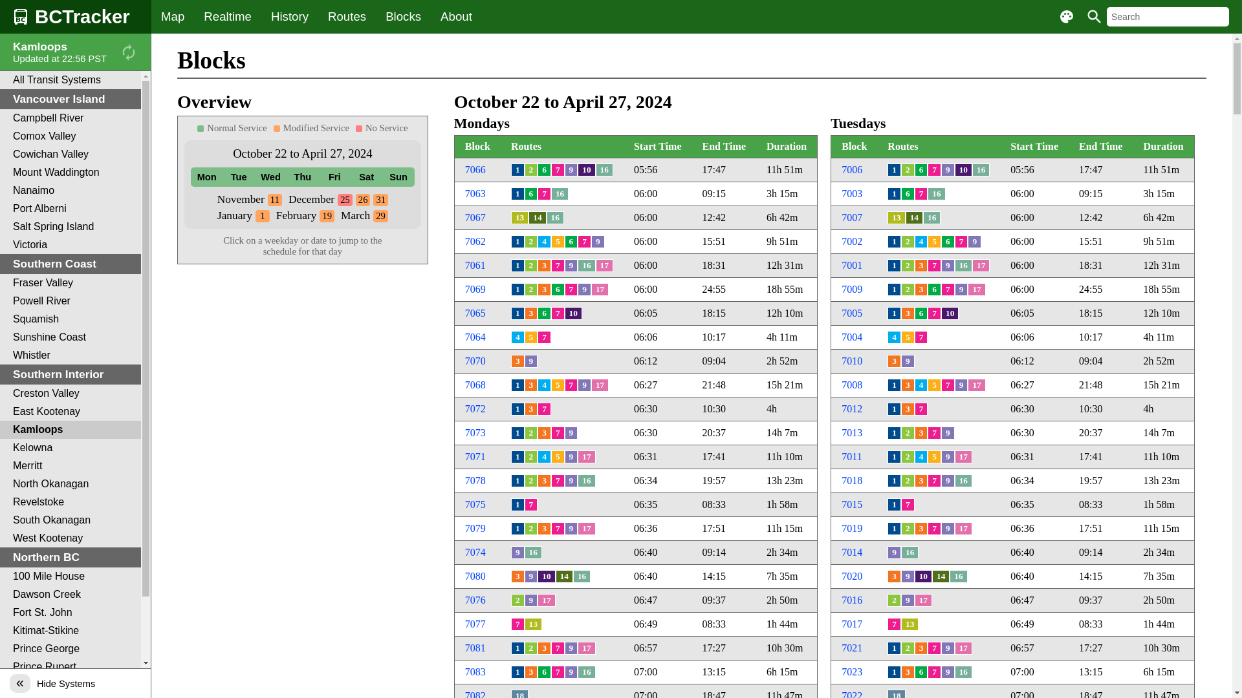  Describe the element at coordinates (517, 361) in the screenshot. I see `'3'` at that location.